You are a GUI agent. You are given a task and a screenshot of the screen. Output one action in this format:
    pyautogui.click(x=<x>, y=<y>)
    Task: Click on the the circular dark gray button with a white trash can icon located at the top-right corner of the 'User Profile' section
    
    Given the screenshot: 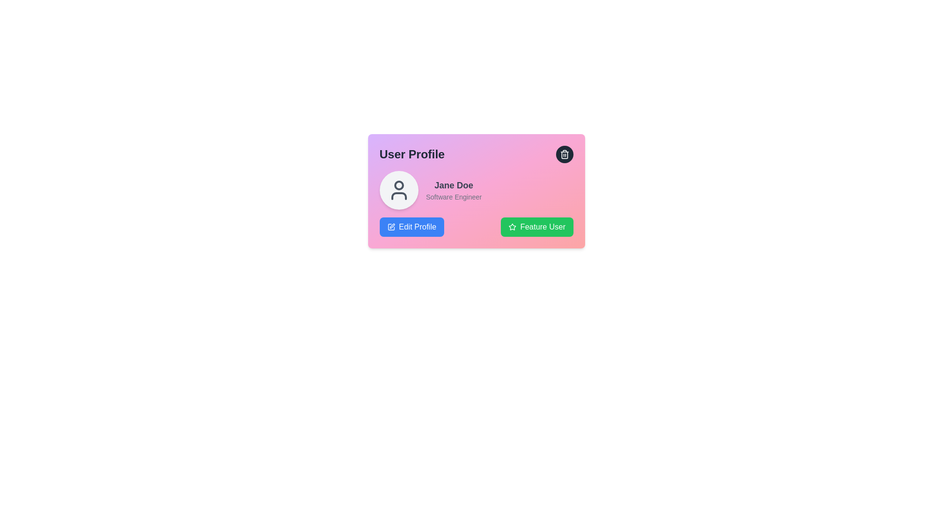 What is the action you would take?
    pyautogui.click(x=564, y=154)
    